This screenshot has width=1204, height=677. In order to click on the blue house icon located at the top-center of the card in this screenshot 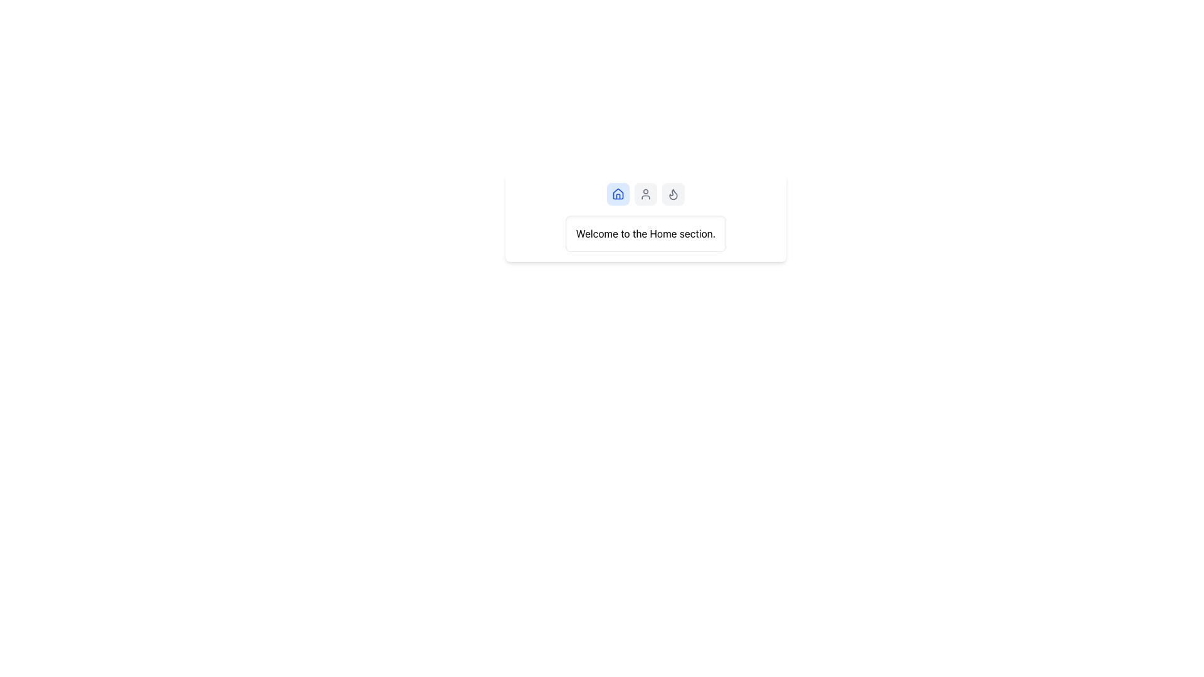, I will do `click(618, 194)`.